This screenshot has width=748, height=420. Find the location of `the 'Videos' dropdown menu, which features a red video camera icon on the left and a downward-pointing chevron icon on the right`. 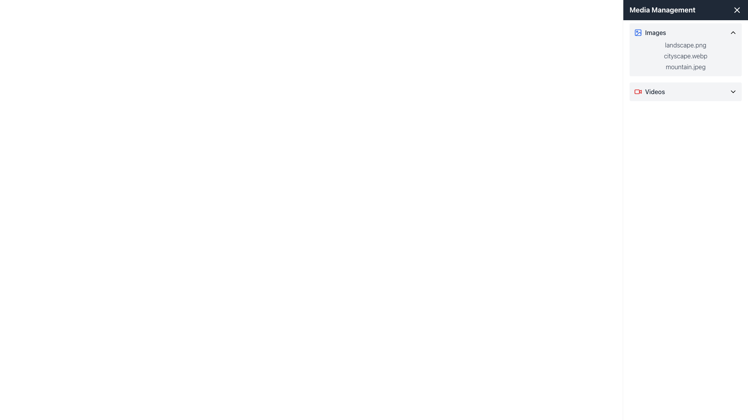

the 'Videos' dropdown menu, which features a red video camera icon on the left and a downward-pointing chevron icon on the right is located at coordinates (686, 91).